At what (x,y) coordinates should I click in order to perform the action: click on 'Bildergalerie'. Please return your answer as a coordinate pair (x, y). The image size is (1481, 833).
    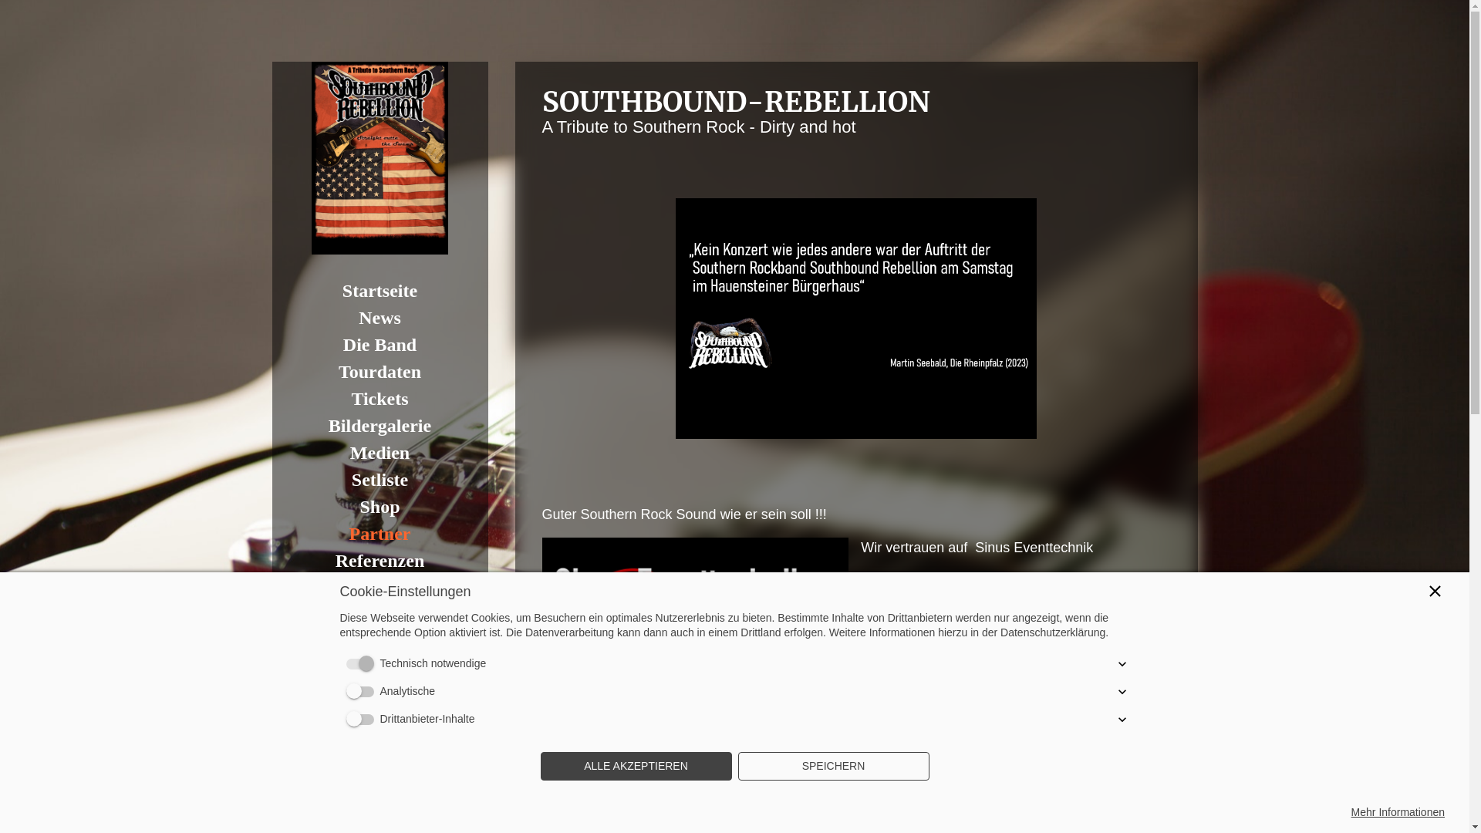
    Looking at the image, I should click on (379, 426).